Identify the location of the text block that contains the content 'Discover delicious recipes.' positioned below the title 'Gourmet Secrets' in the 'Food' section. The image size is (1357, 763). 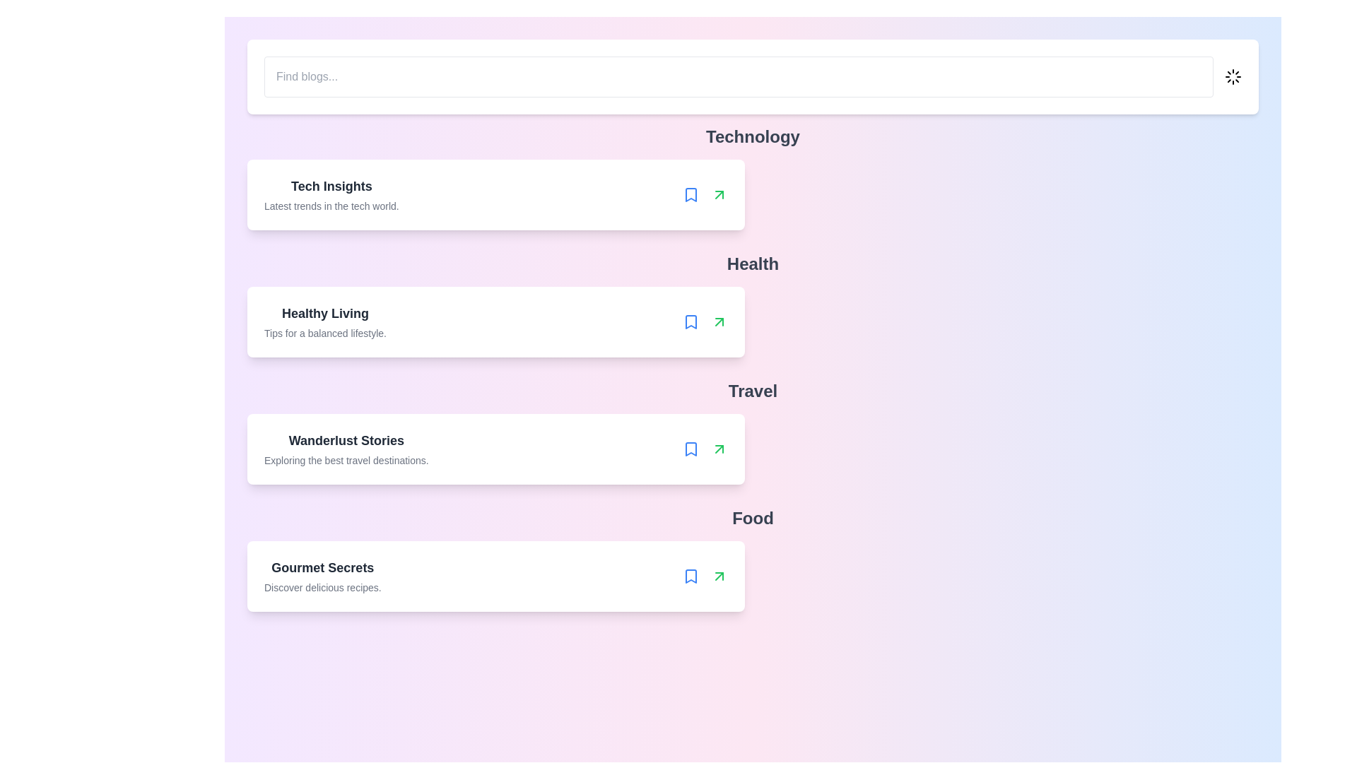
(322, 588).